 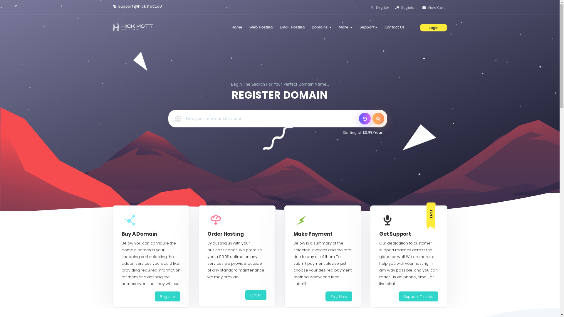 What do you see at coordinates (368, 27) in the screenshot?
I see `'Support'` at bounding box center [368, 27].